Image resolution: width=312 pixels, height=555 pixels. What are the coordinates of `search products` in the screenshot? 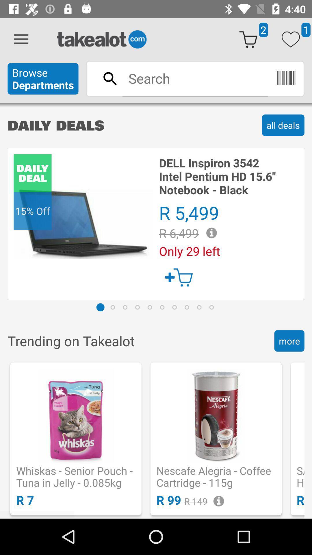 It's located at (195, 78).